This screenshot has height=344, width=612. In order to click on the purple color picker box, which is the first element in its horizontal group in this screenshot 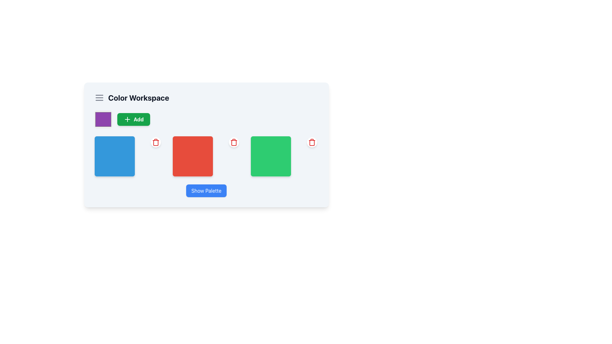, I will do `click(103, 119)`.